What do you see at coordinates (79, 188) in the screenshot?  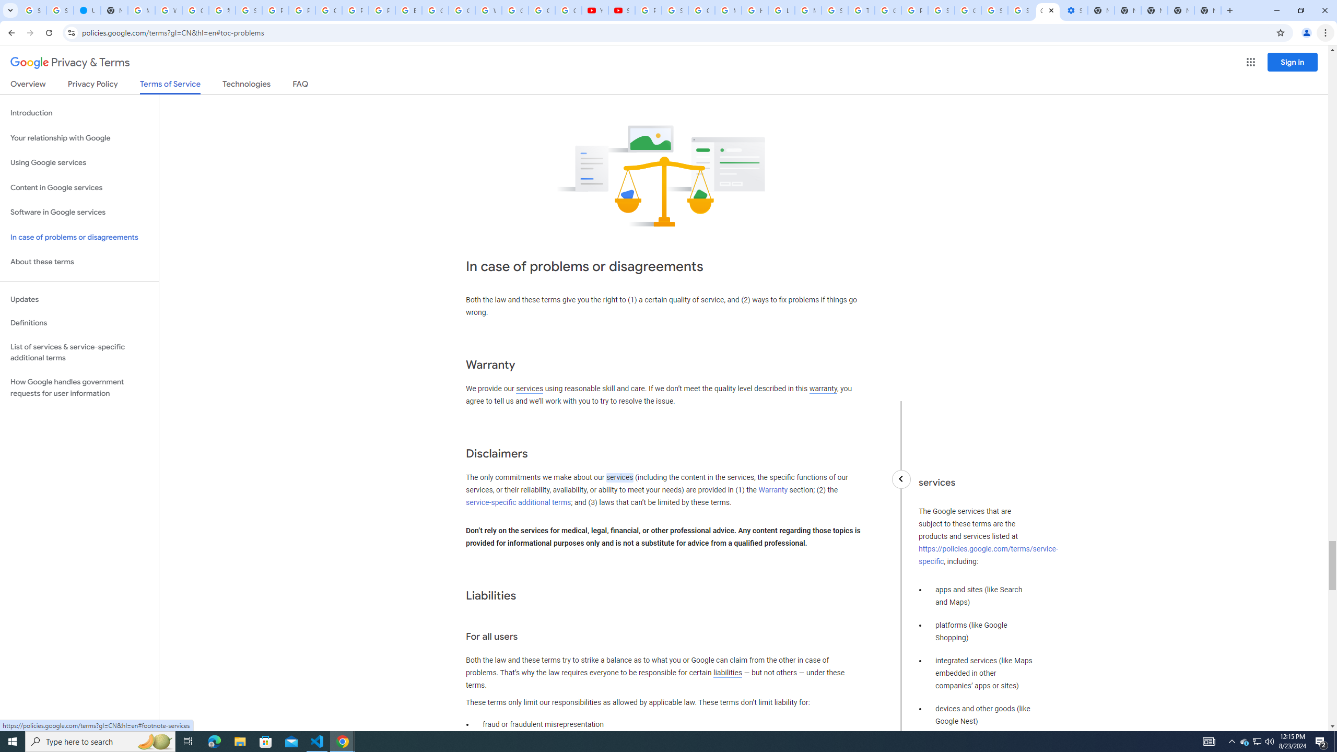 I see `'Content in Google services'` at bounding box center [79, 188].